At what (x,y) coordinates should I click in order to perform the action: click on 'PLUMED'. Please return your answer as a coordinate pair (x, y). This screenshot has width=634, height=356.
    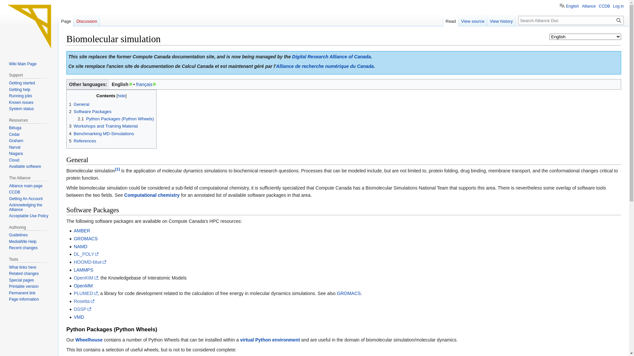
    Looking at the image, I should click on (85, 293).